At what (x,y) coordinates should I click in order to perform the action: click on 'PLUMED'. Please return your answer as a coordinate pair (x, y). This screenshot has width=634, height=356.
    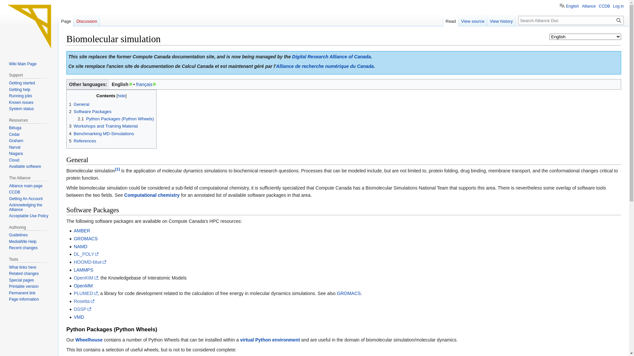
    Looking at the image, I should click on (85, 293).